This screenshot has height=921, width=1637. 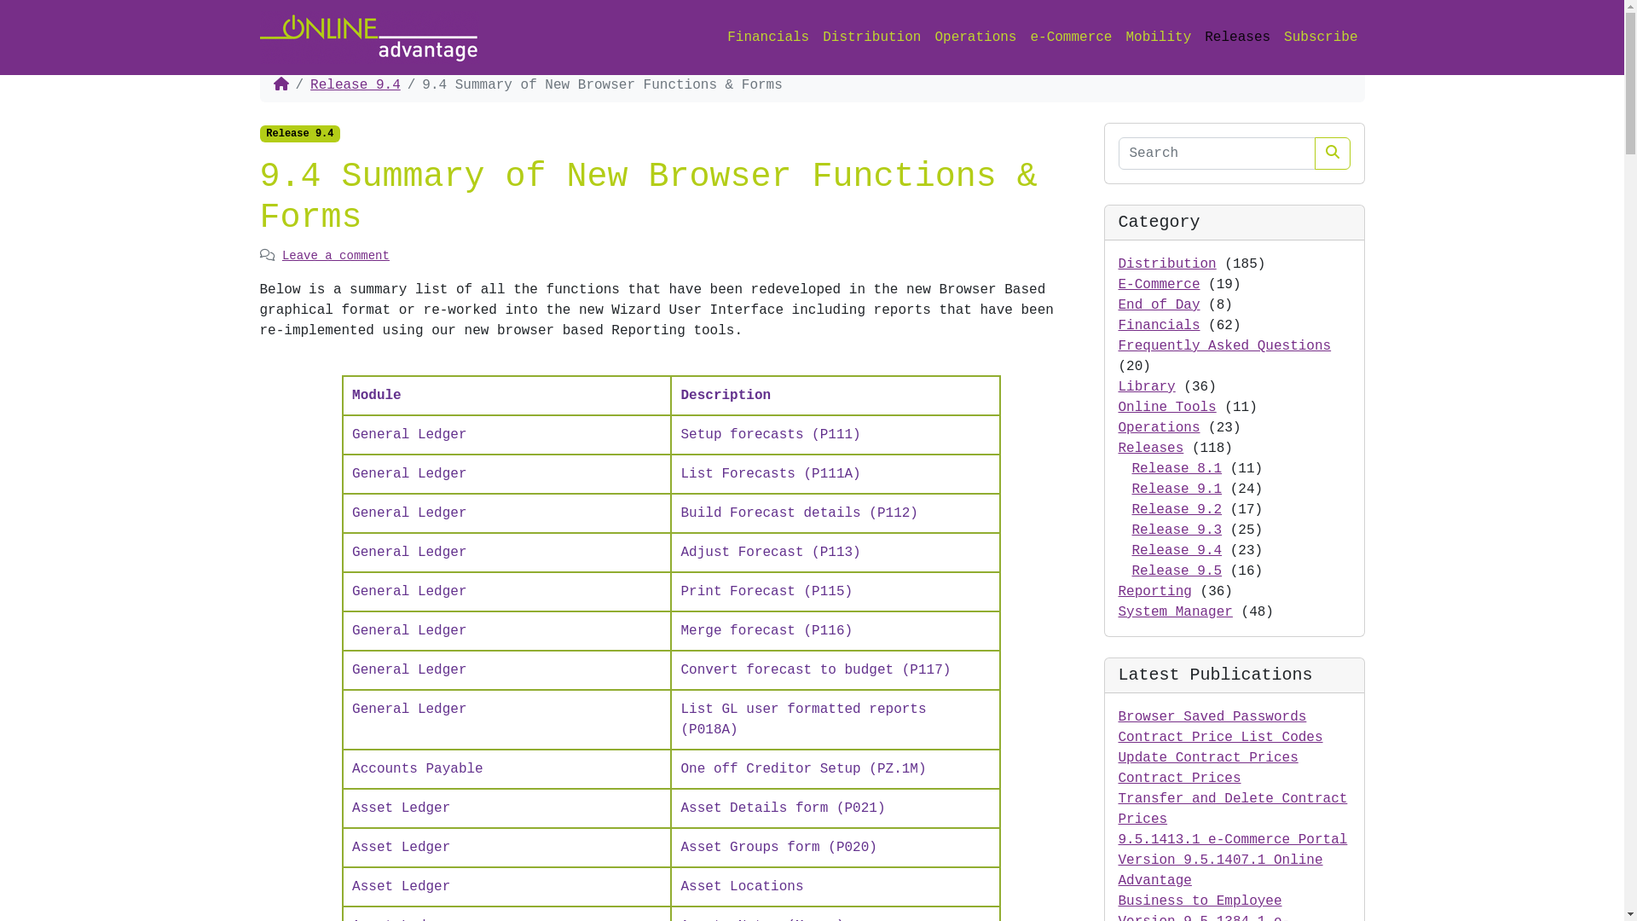 I want to click on 'System Manager', so click(x=1174, y=611).